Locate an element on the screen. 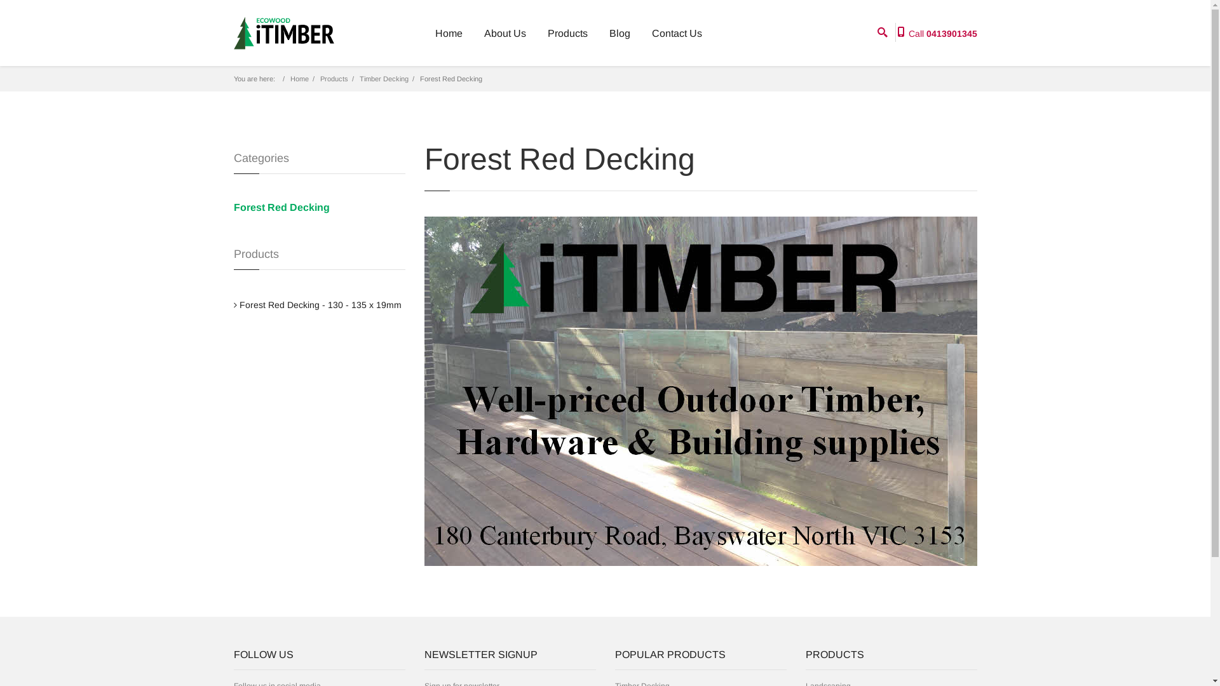 The image size is (1220, 686). 'Forest Red Decking - 130 - 135 x 19mm' is located at coordinates (320, 304).